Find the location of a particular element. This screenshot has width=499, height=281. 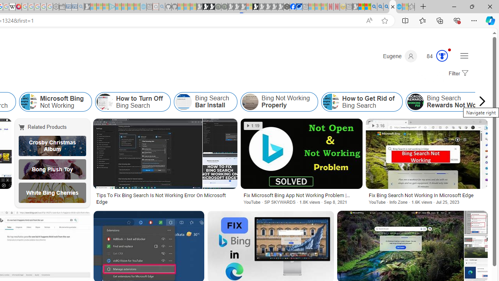

'Sign in to your account - Sleeping' is located at coordinates (249, 7).